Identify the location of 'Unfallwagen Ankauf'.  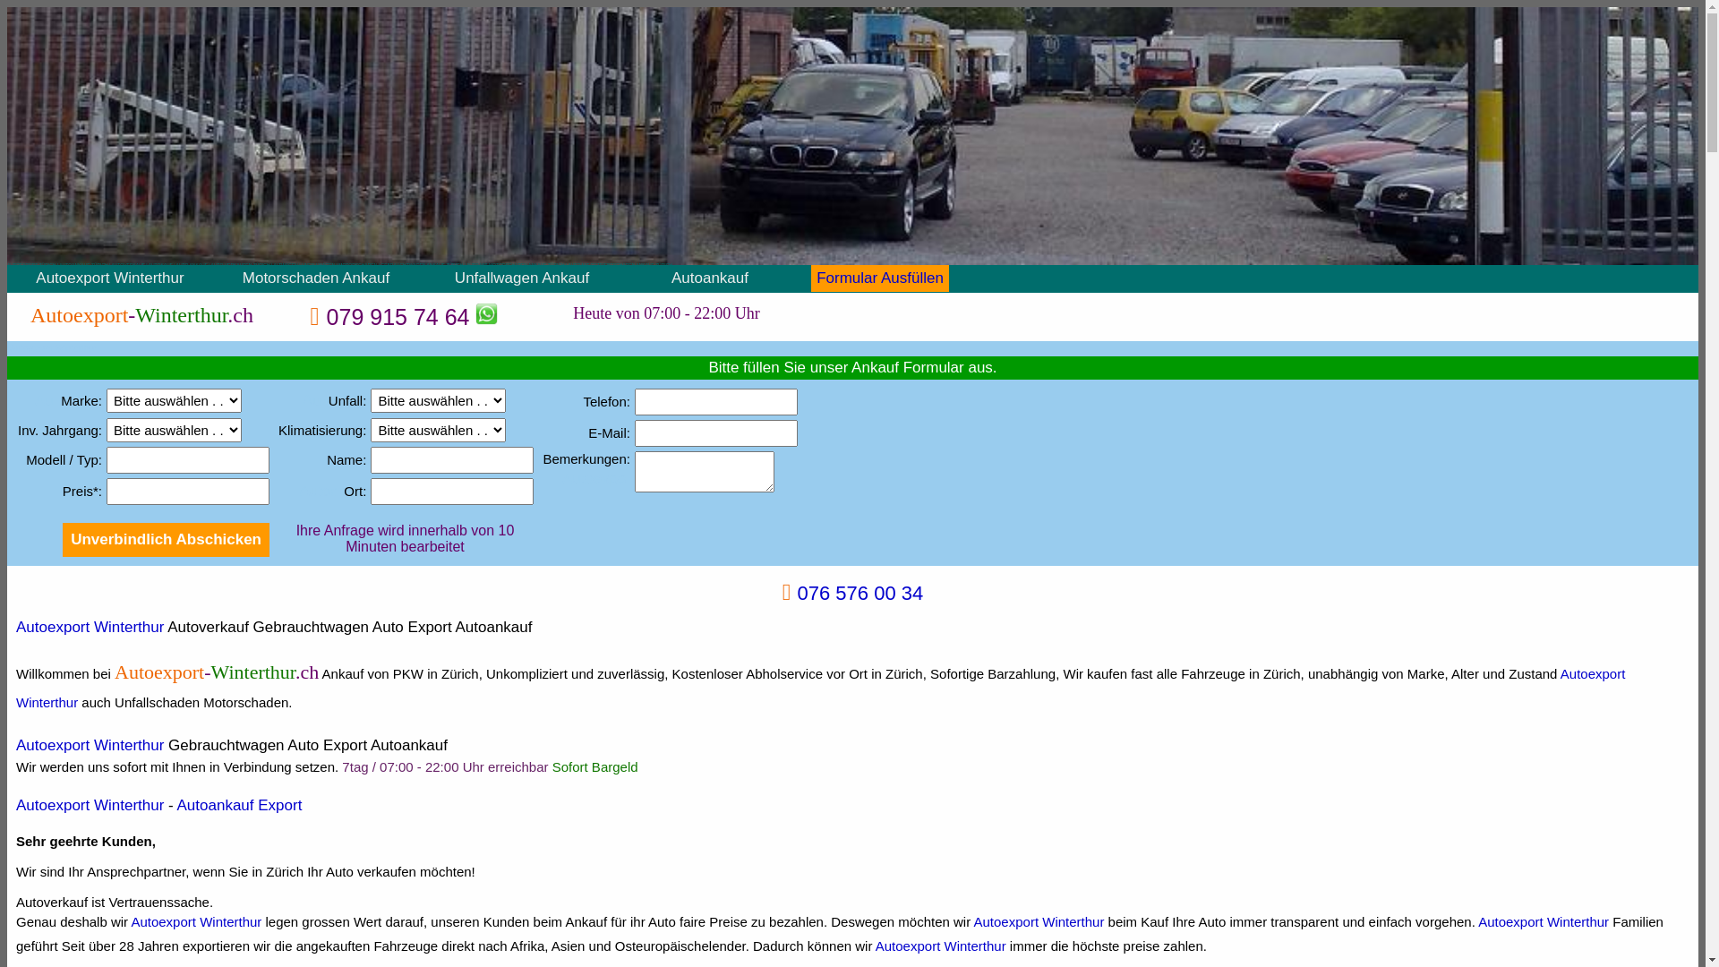
(520, 278).